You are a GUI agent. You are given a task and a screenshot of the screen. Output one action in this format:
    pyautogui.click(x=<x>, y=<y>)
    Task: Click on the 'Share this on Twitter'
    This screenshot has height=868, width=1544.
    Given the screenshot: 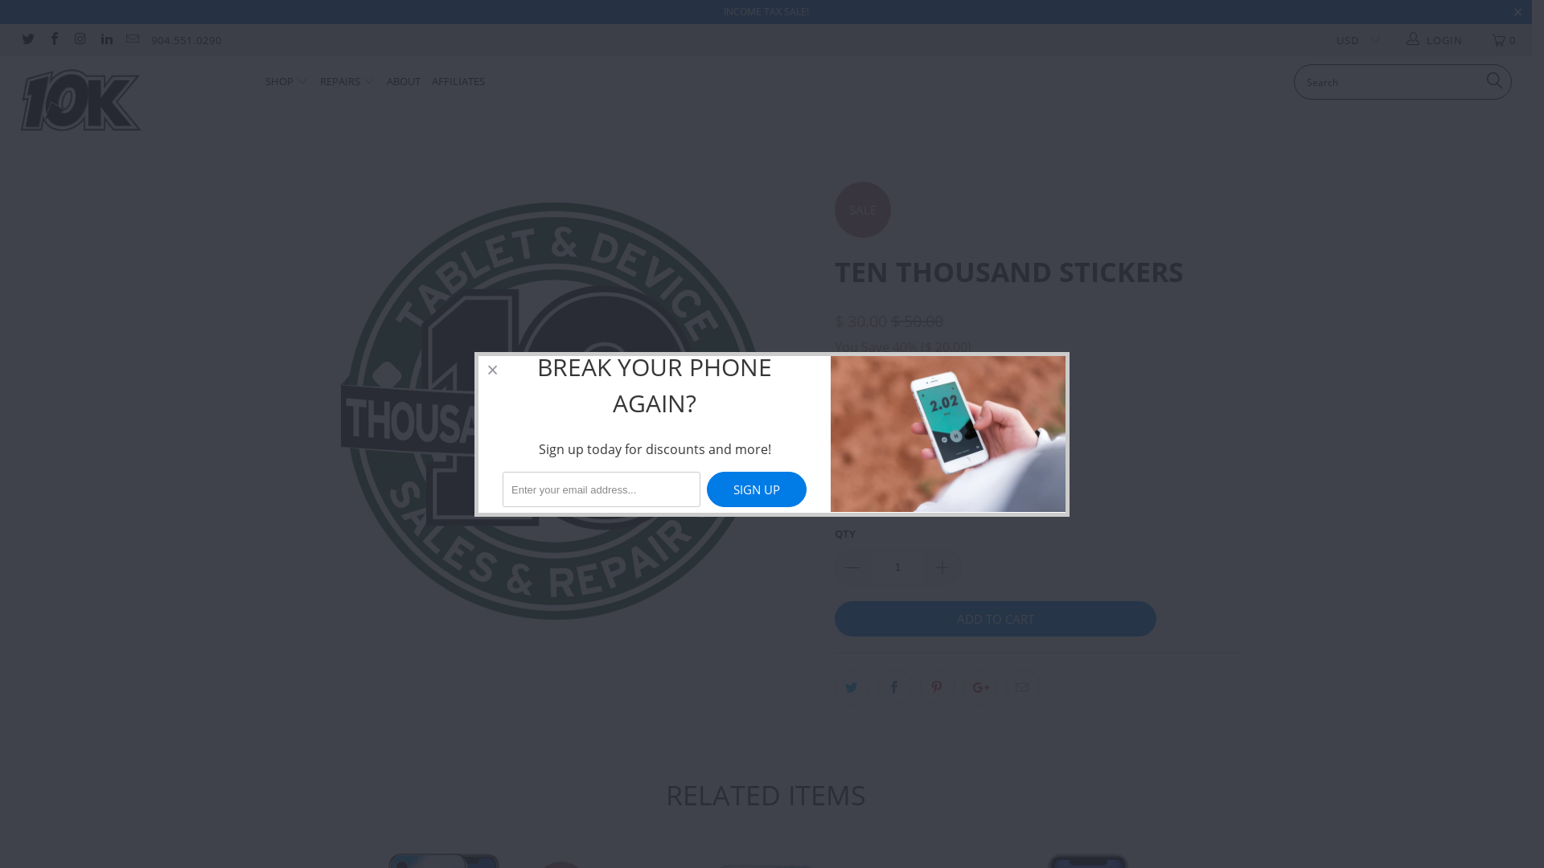 What is the action you would take?
    pyautogui.click(x=852, y=687)
    